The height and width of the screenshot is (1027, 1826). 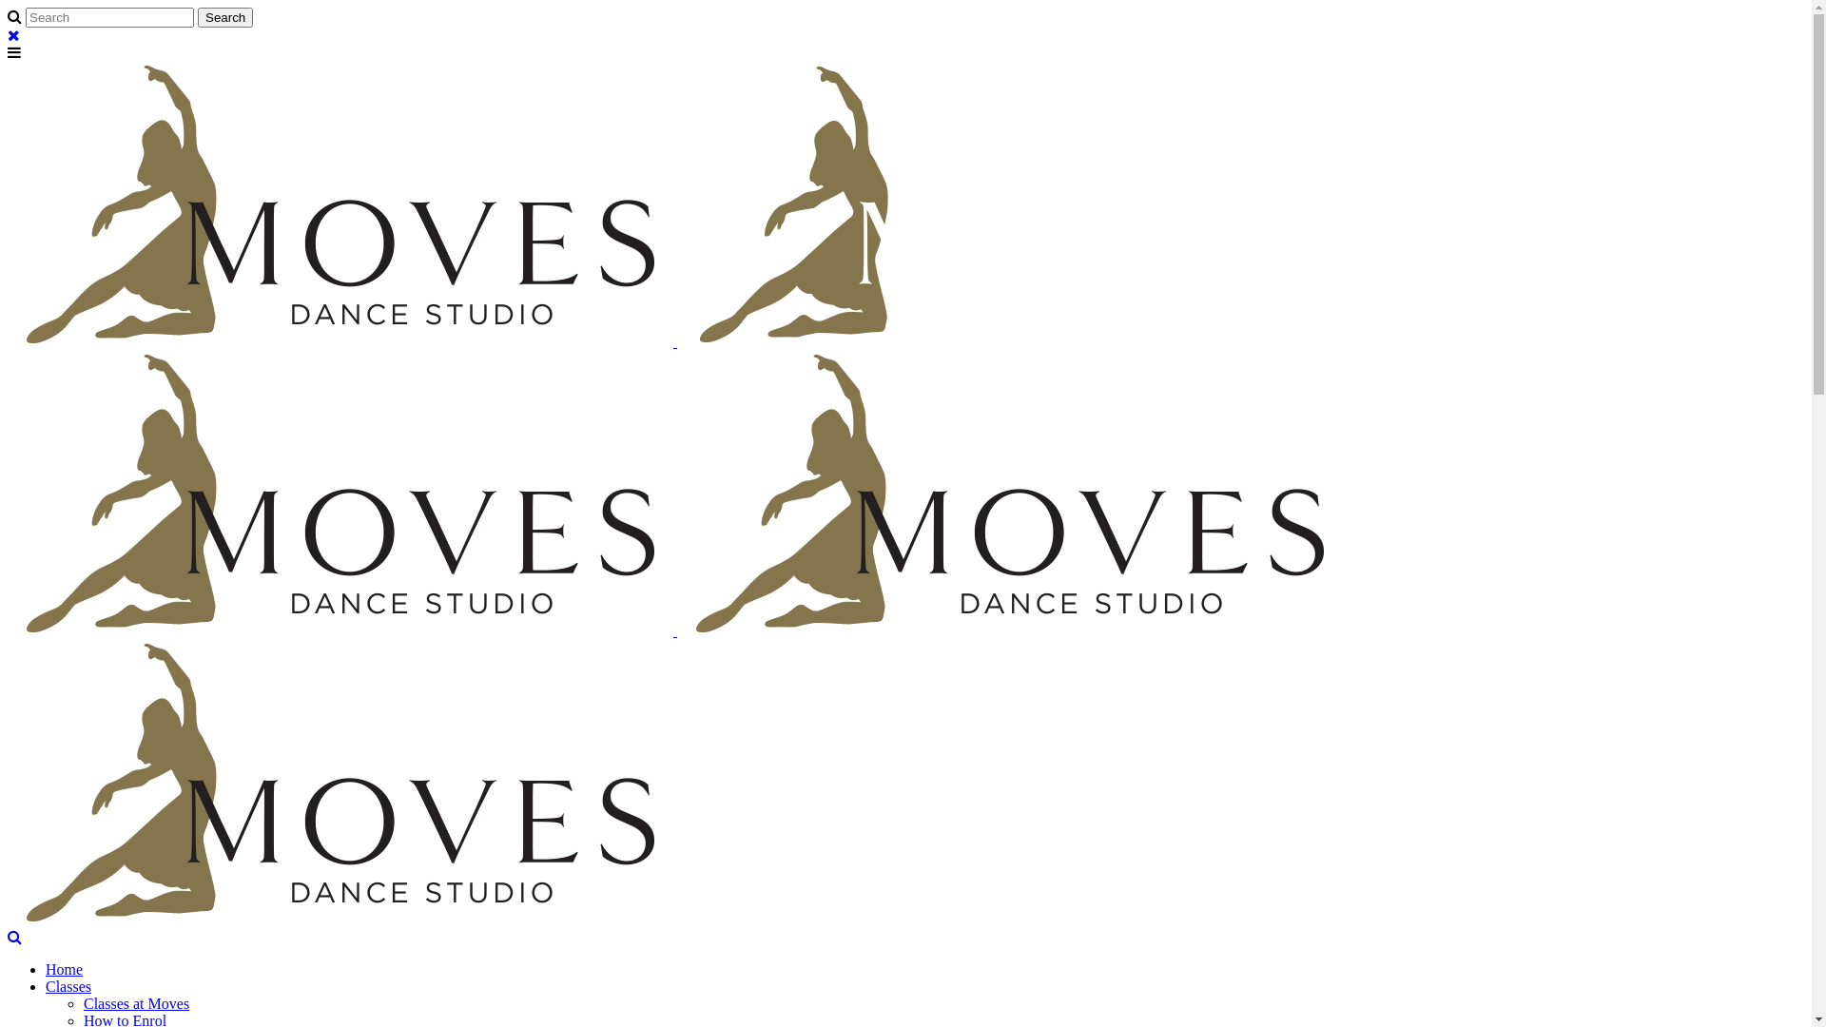 I want to click on 'Home', so click(x=64, y=969).